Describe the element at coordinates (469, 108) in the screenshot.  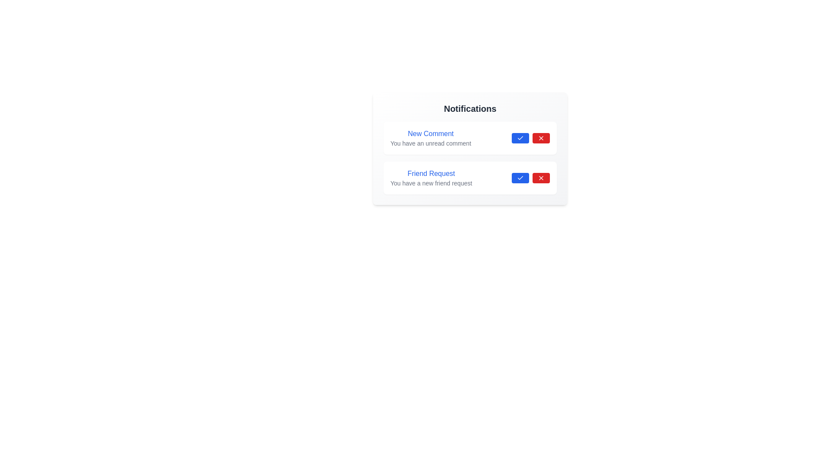
I see `the heading text label located at the top of the notification section card, which is centrally aligned above the 'New Comment' and 'Friend Request' entries` at that location.